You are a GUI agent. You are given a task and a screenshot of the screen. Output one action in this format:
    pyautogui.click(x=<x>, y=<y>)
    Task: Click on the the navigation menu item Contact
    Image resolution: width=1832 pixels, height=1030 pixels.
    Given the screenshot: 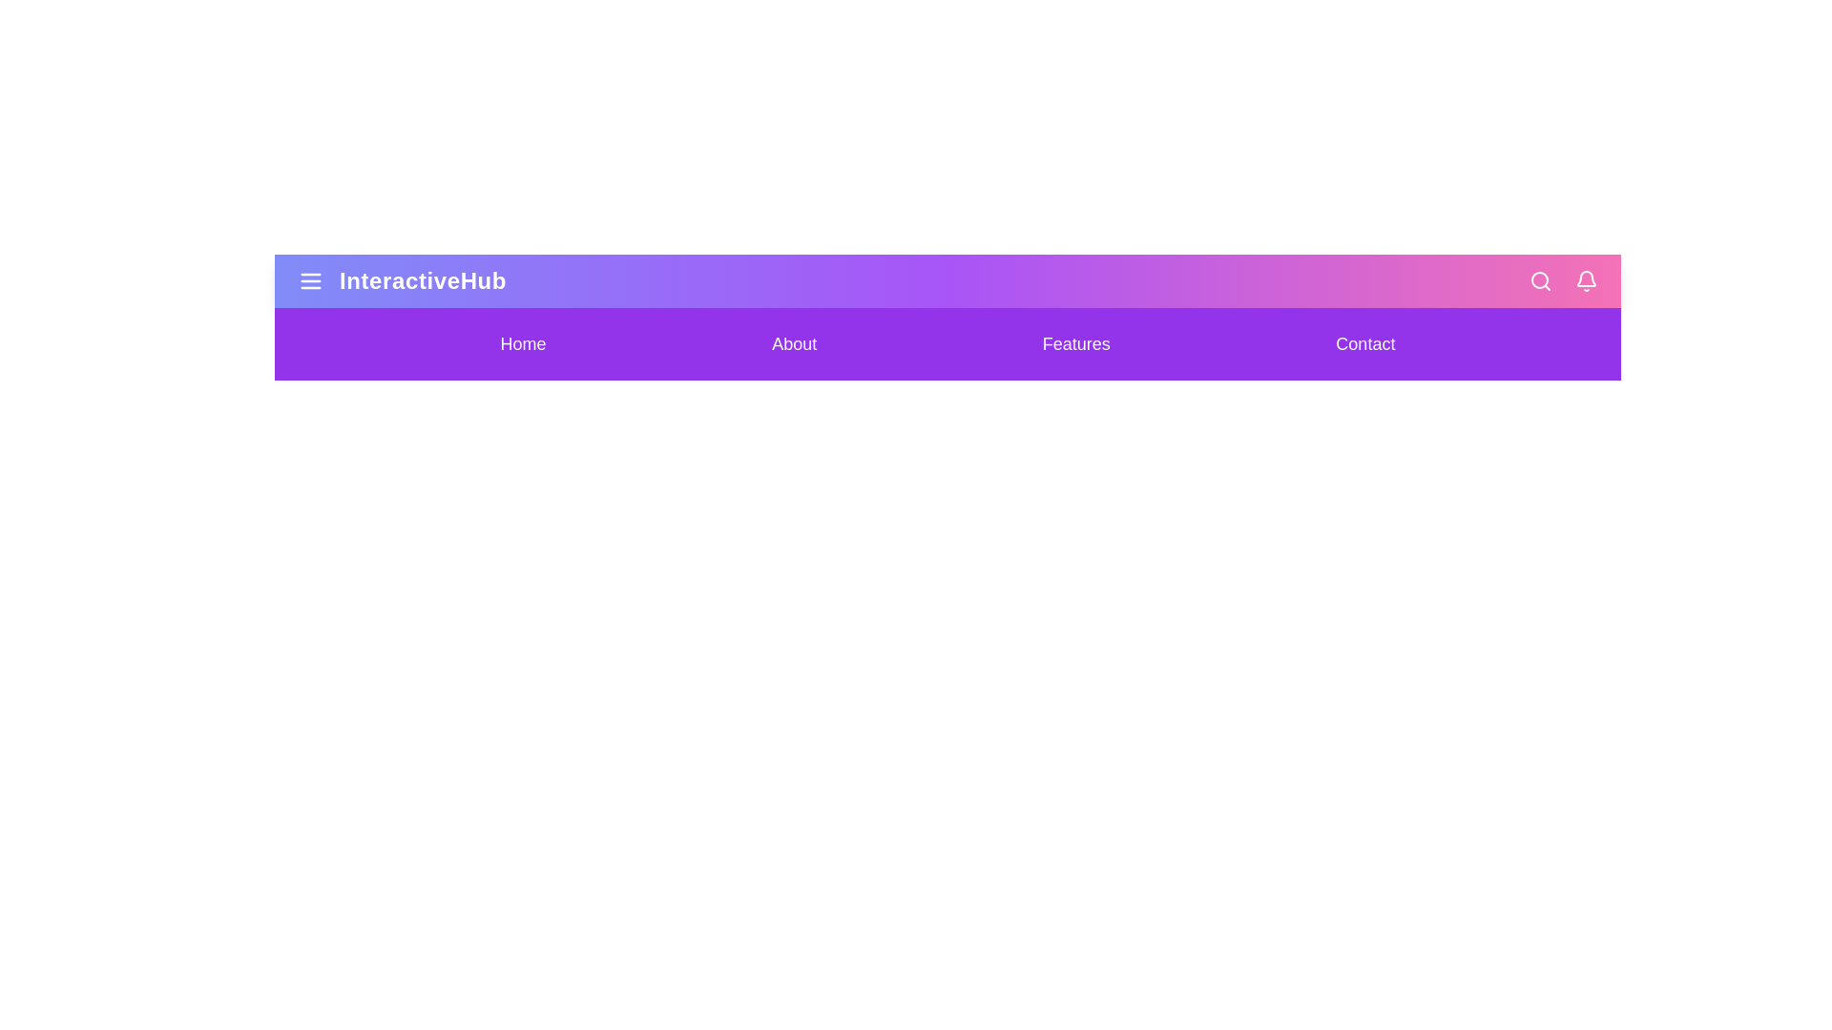 What is the action you would take?
    pyautogui.click(x=1364, y=344)
    